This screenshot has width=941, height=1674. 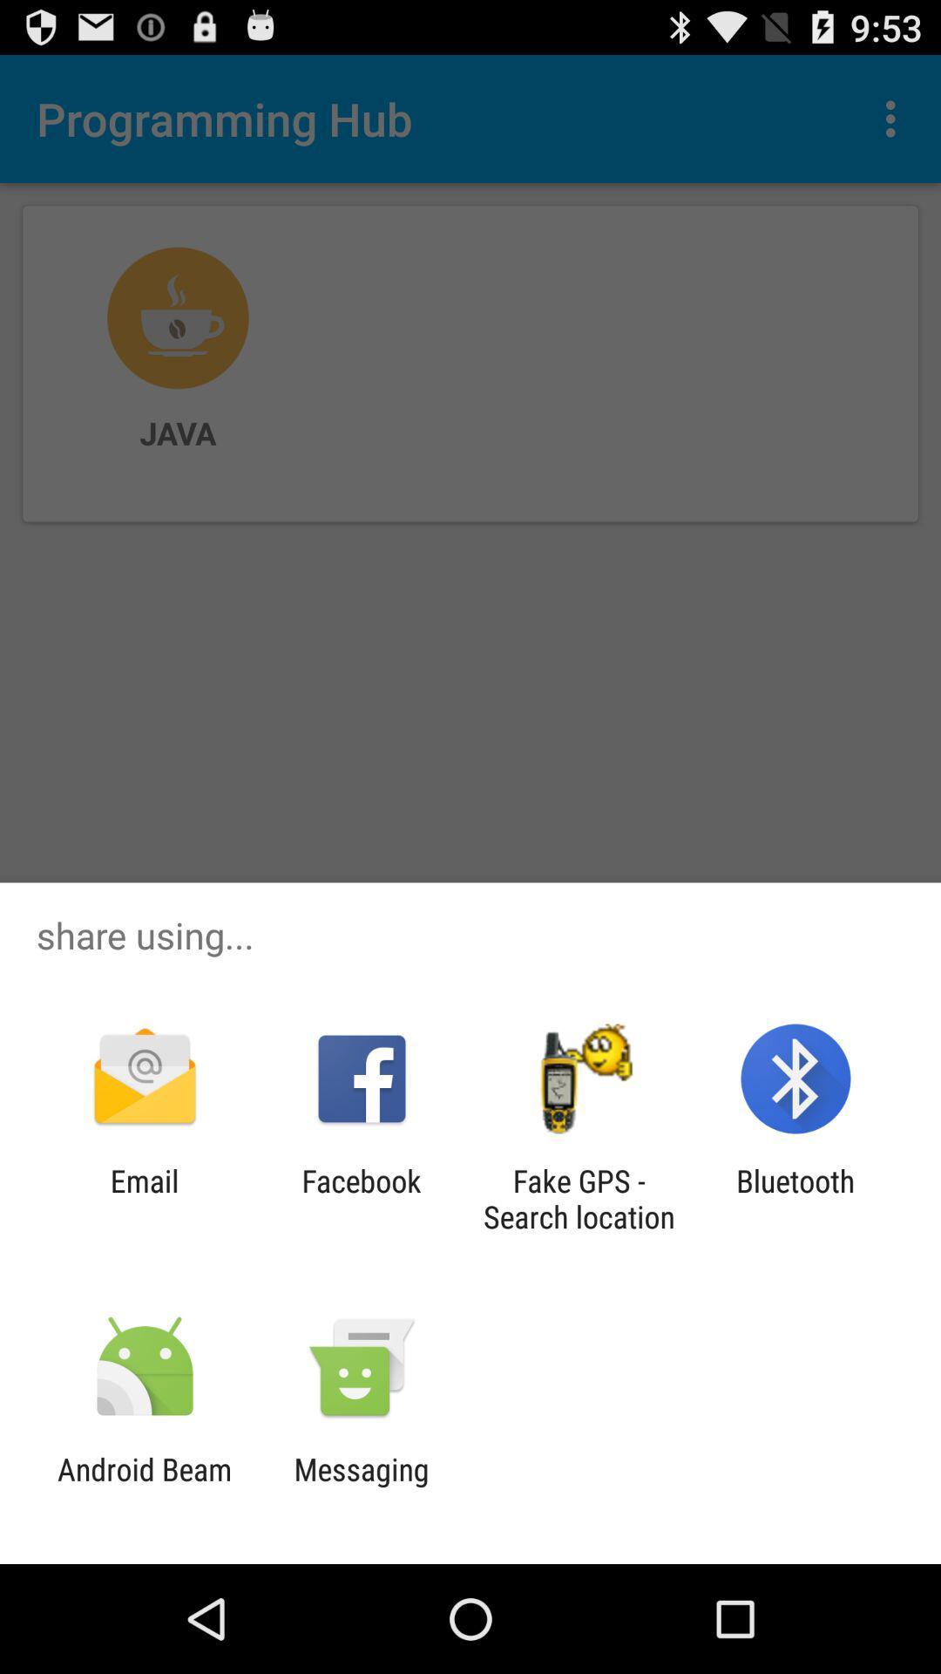 I want to click on email icon, so click(x=144, y=1198).